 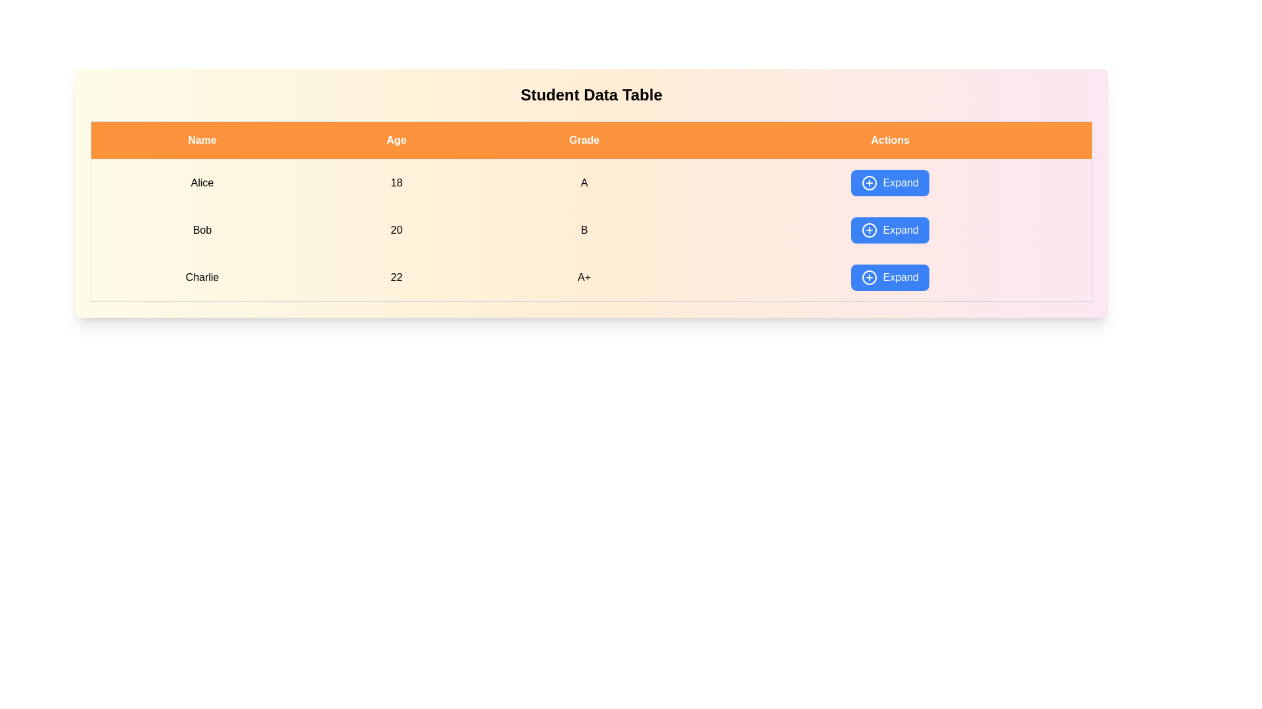 I want to click on the second 'Expand' button with white text and a plus icon in the 'Actions' column for the entry 'Bob', so click(x=890, y=230).